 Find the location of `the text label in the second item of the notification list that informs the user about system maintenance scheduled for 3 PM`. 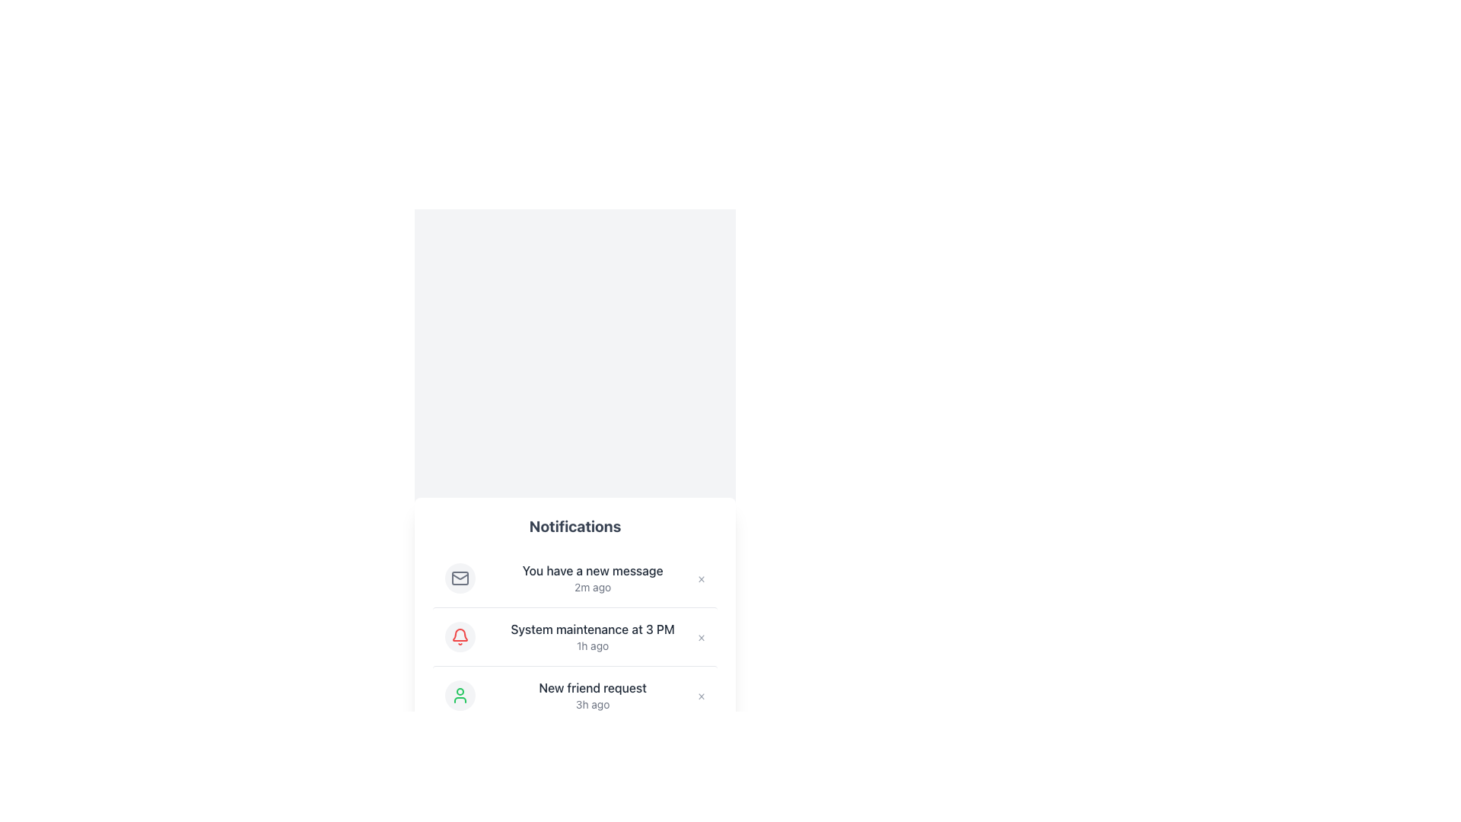

the text label in the second item of the notification list that informs the user about system maintenance scheduled for 3 PM is located at coordinates (592, 629).